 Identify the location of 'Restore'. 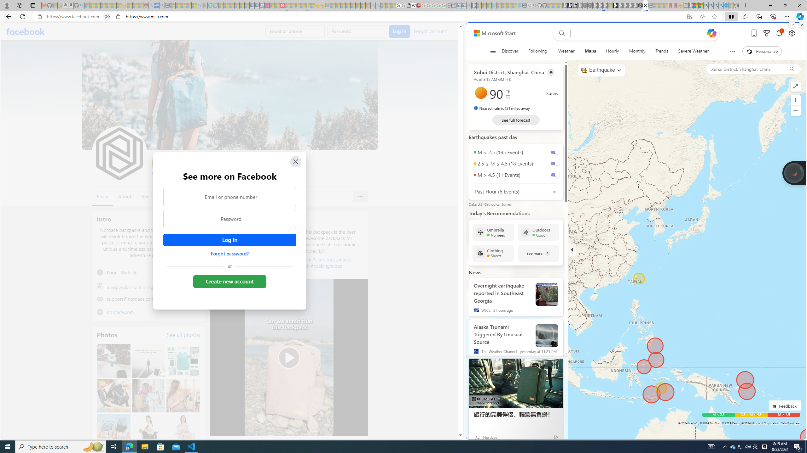
(785, 5).